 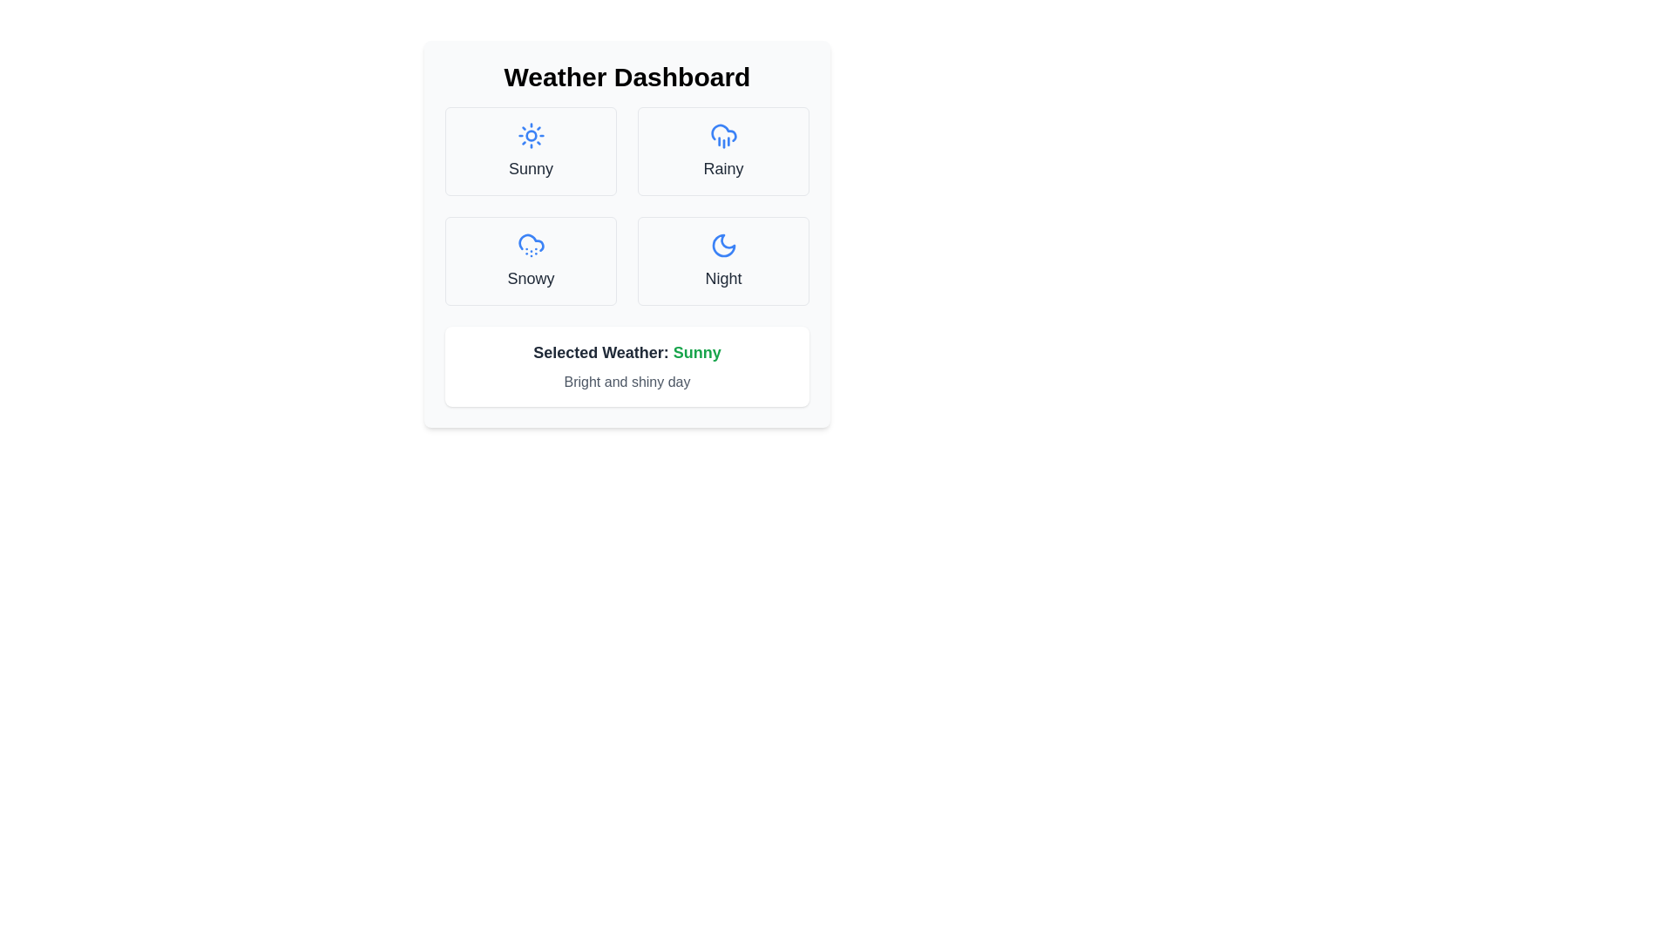 I want to click on the 'Sunny' weather button located in the top-left position of the Weather Dashboard, so click(x=530, y=150).